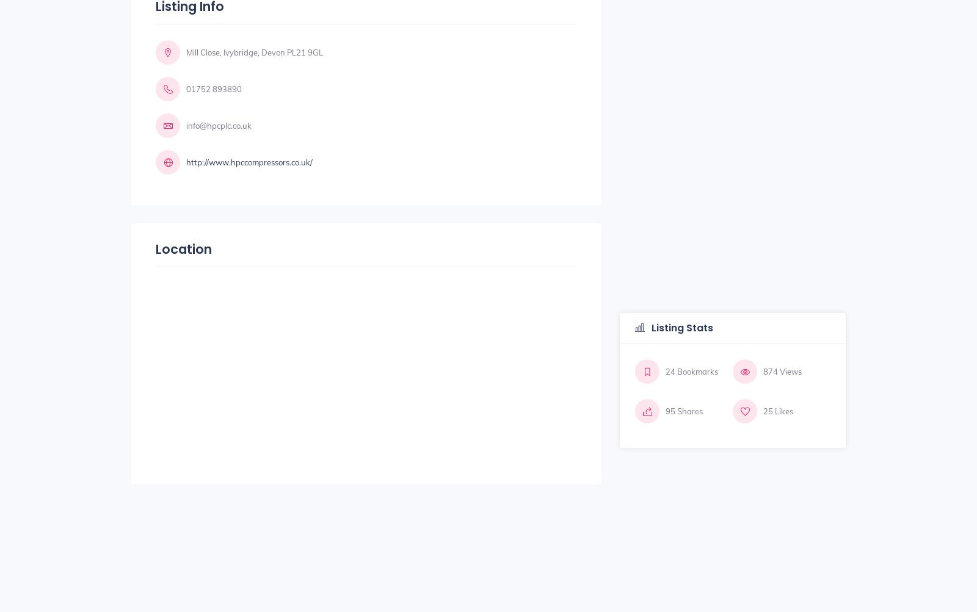 This screenshot has height=612, width=977. I want to click on 'Location', so click(156, 248).